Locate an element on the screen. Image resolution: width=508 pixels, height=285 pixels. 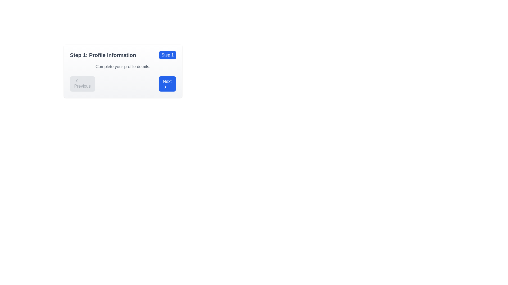
the 'Next' button, which features a right-facing chevron icon, located in the bottom-right corner of the visible panel is located at coordinates (165, 87).